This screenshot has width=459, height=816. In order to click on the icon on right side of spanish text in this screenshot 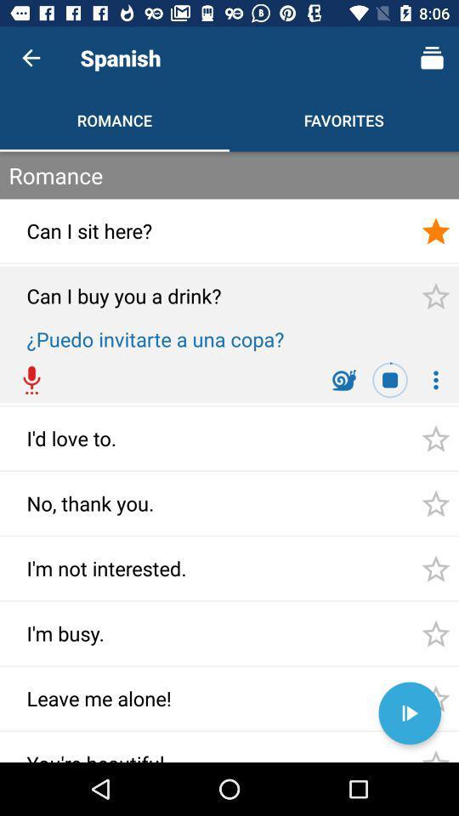, I will do `click(432, 58)`.